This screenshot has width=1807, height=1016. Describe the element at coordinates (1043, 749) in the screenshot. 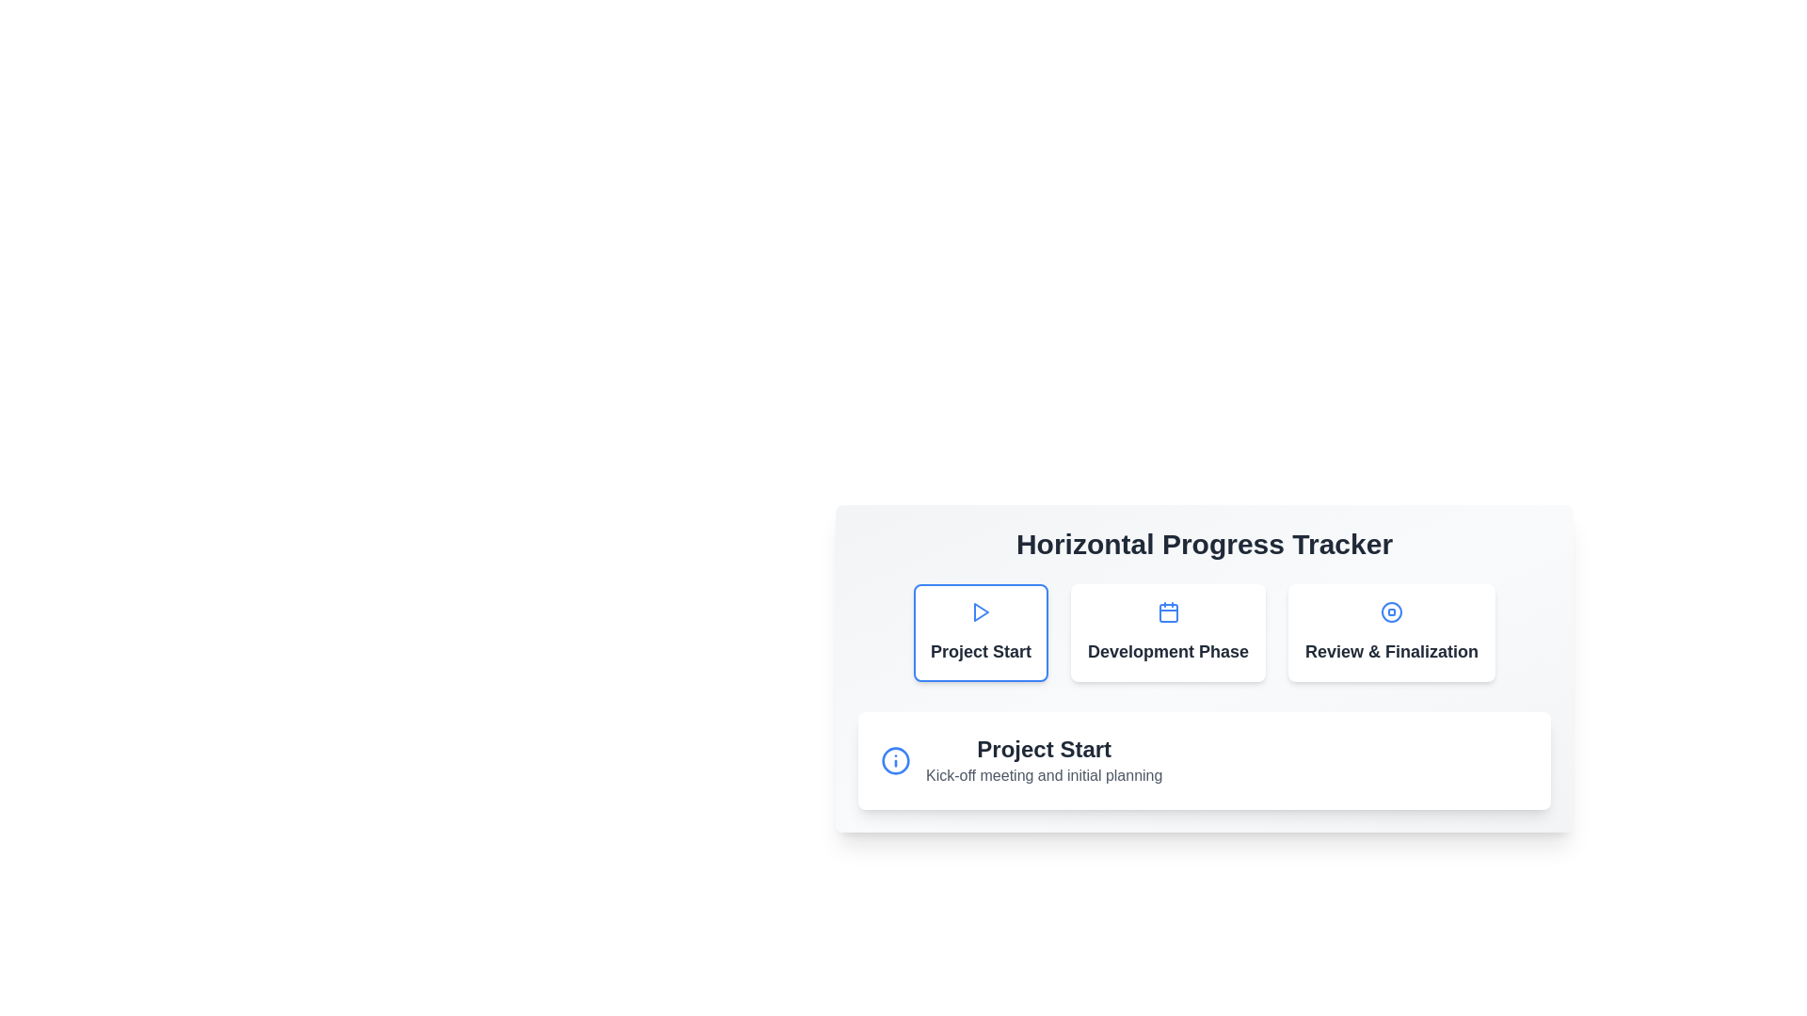

I see `the text element displaying 'Project Start', which is bold and large in dark gray color, positioned at the bottom-center of the interface` at that location.